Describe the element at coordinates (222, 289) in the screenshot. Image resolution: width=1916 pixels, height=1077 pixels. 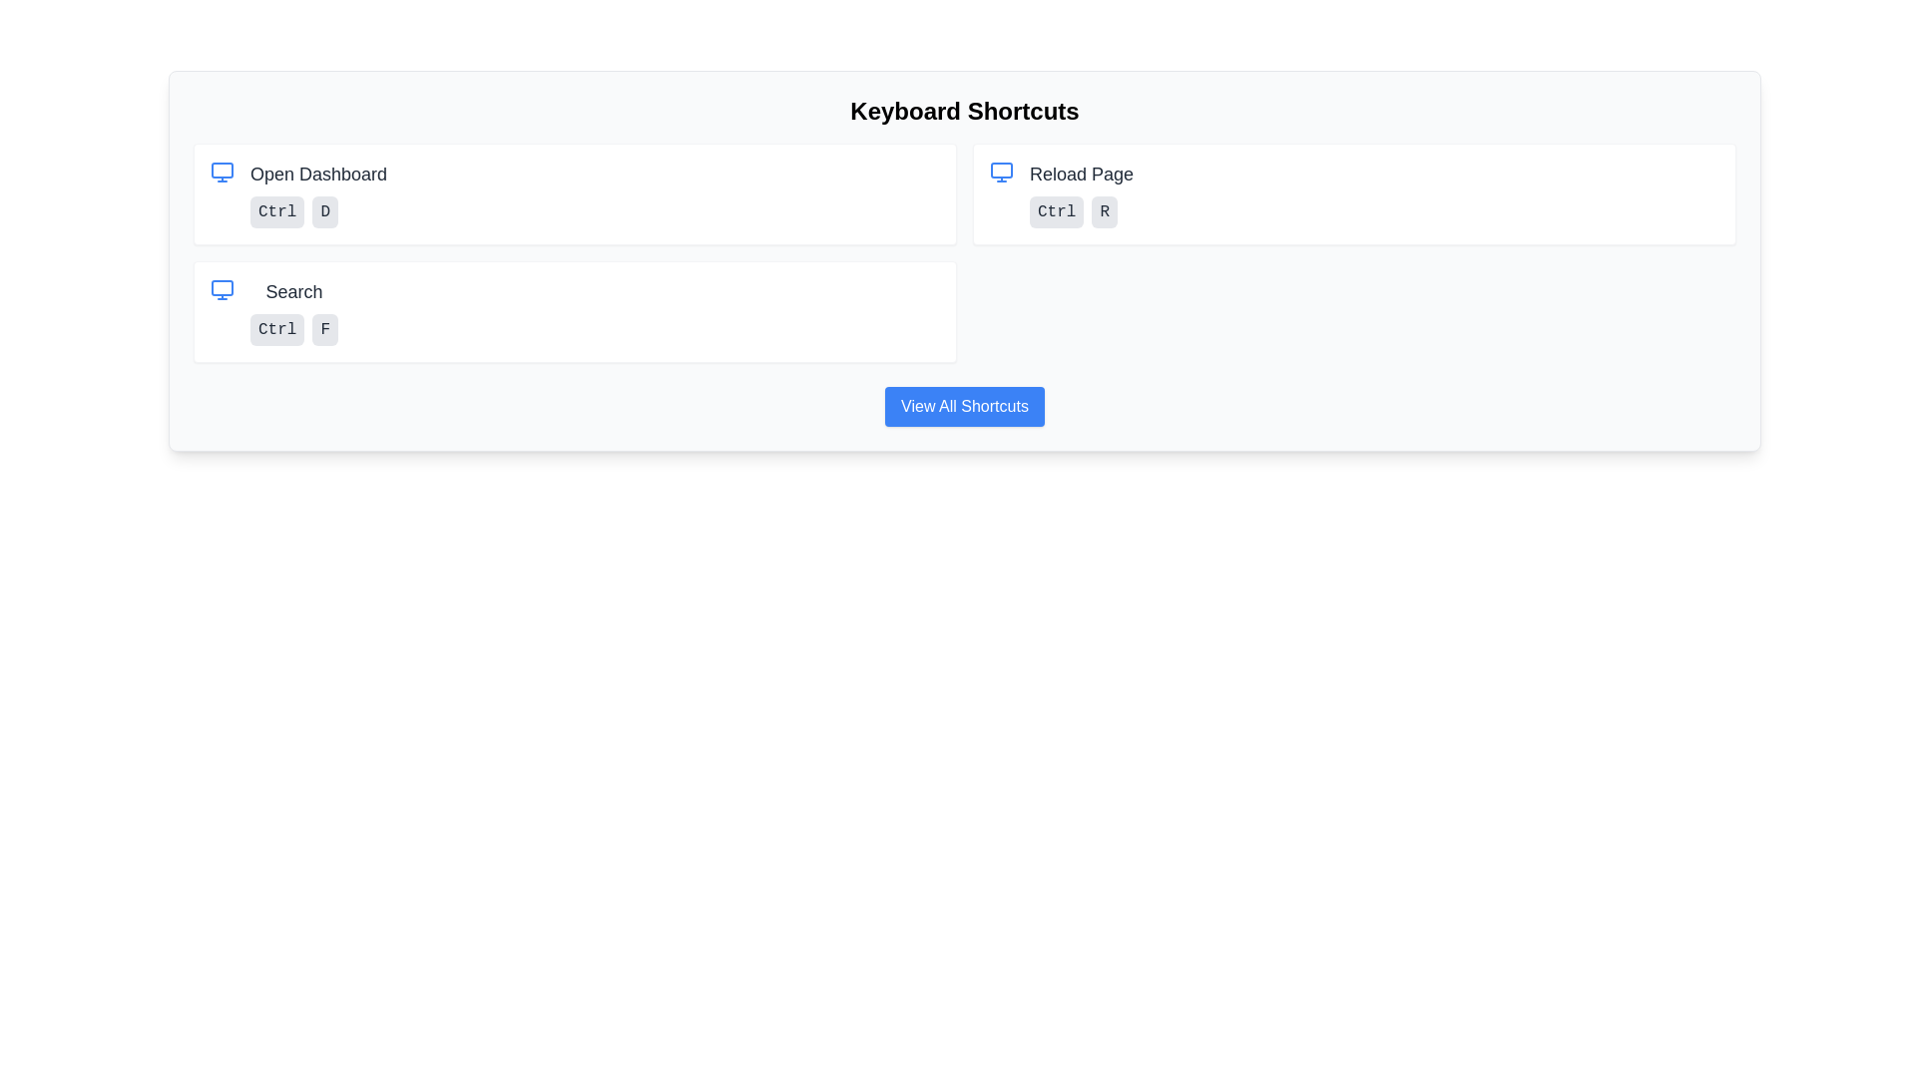
I see `the graphical icon resembling a monitor with blue outlines located in the top-left corner of the 'Search' card, adjacent to the text 'Search' and the shortcut keys 'Ctrl' and 'F'` at that location.